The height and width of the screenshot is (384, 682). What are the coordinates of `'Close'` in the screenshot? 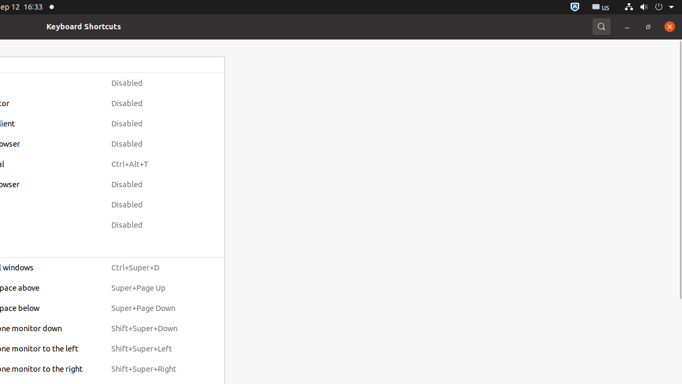 It's located at (669, 26).